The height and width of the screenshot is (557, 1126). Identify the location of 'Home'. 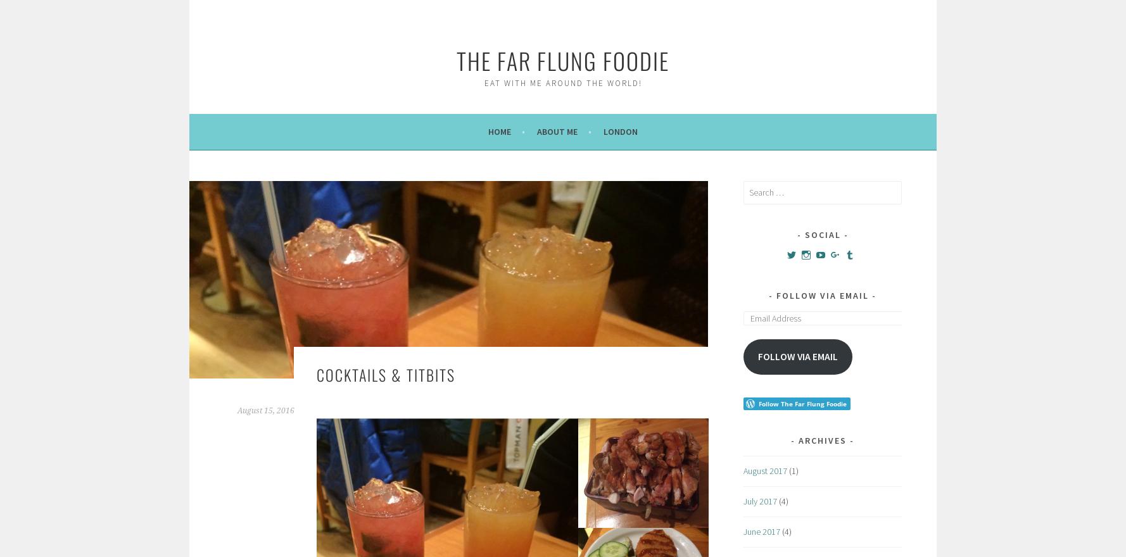
(500, 130).